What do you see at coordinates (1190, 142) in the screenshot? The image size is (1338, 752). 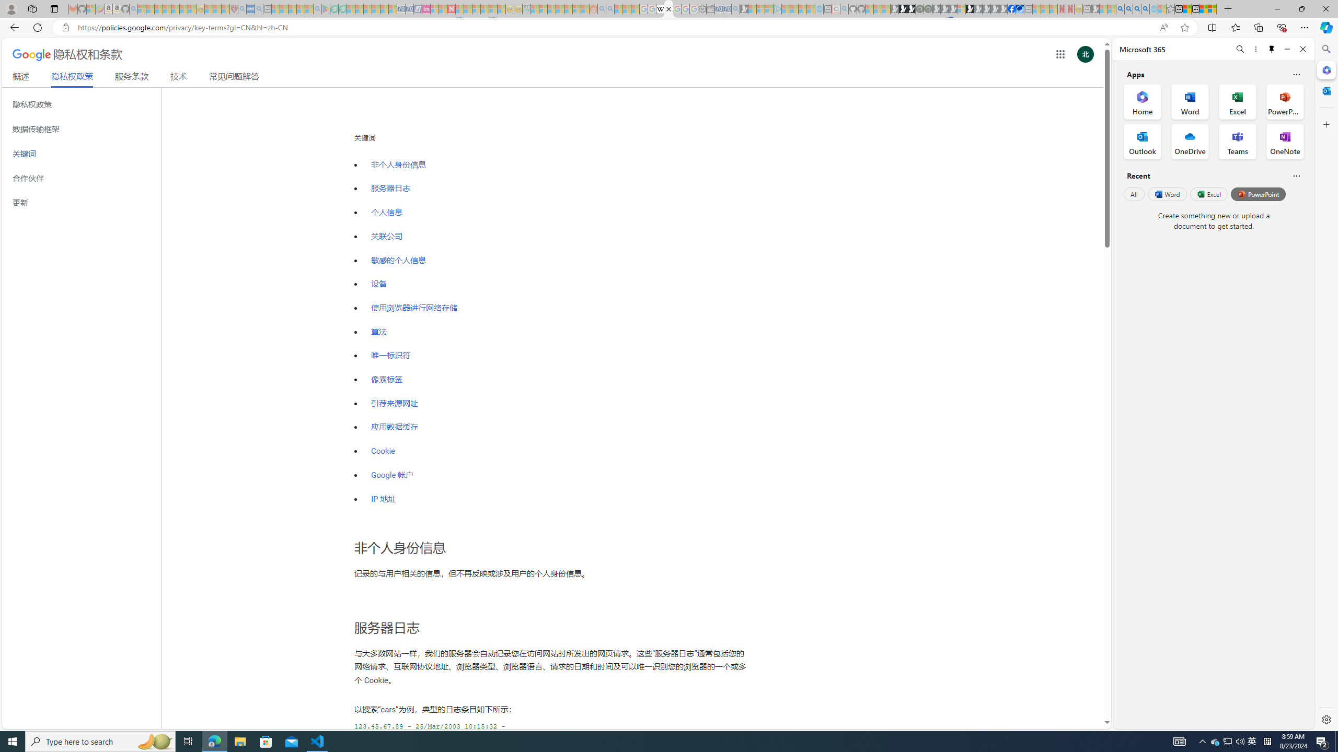 I see `'OneDrive Office App'` at bounding box center [1190, 142].